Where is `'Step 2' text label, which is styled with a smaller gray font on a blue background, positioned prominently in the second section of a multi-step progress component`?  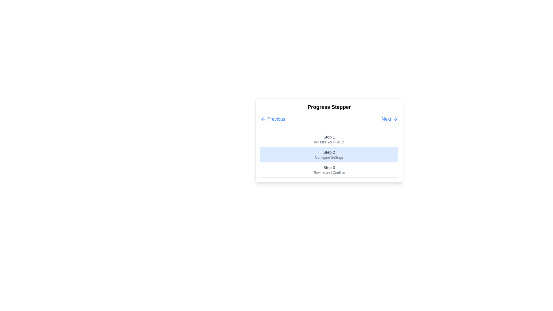 'Step 2' text label, which is styled with a smaller gray font on a blue background, positioned prominently in the second section of a multi-step progress component is located at coordinates (329, 152).